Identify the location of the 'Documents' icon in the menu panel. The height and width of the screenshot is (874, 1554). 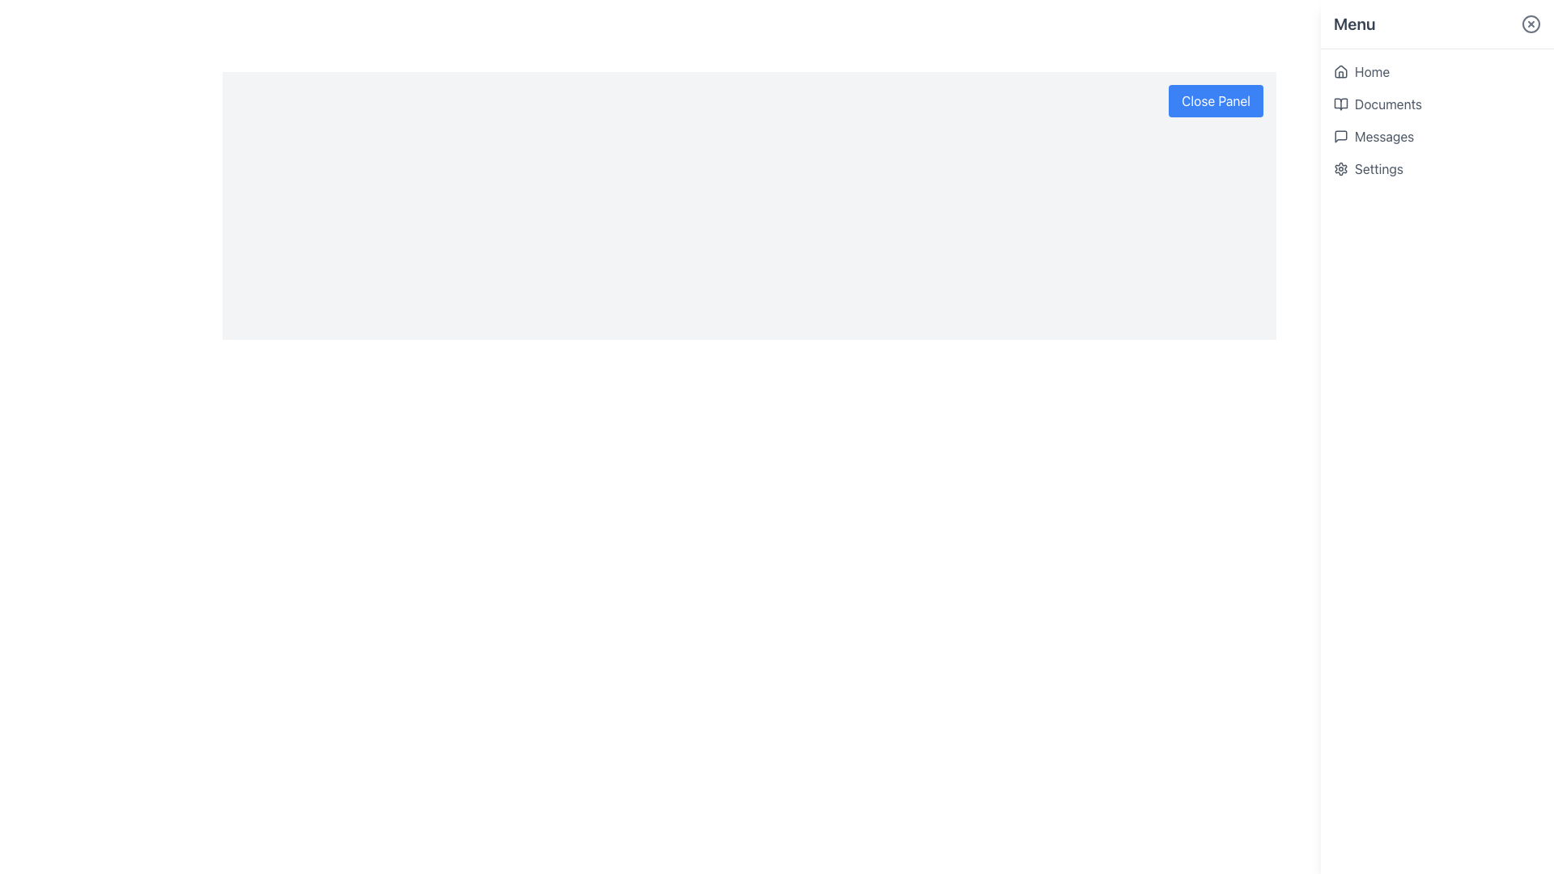
(1340, 104).